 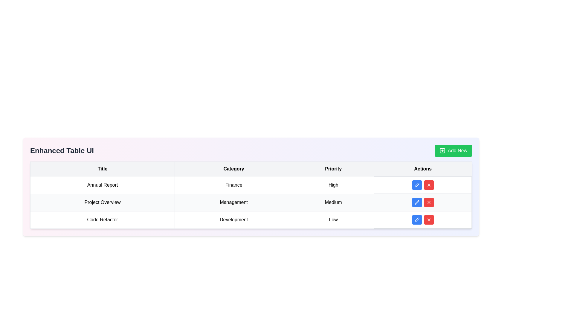 What do you see at coordinates (416, 185) in the screenshot?
I see `the Icon Button in the 'Actions' column of the table corresponding to the row labeled 'Project Overview'` at bounding box center [416, 185].